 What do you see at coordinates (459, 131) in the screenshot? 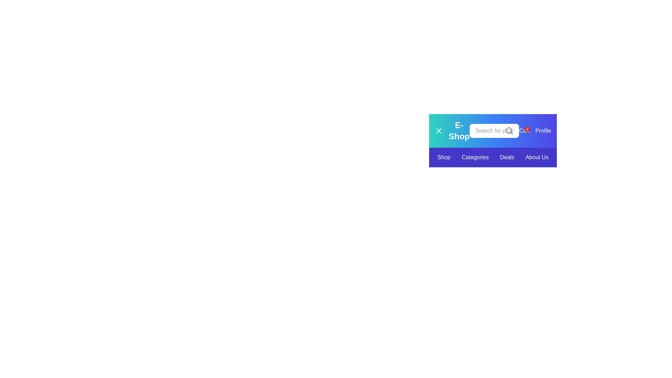
I see `the 'E-Shop' text label component, which is prominently displayed in a bold font and located in the top-left section of the interface` at bounding box center [459, 131].